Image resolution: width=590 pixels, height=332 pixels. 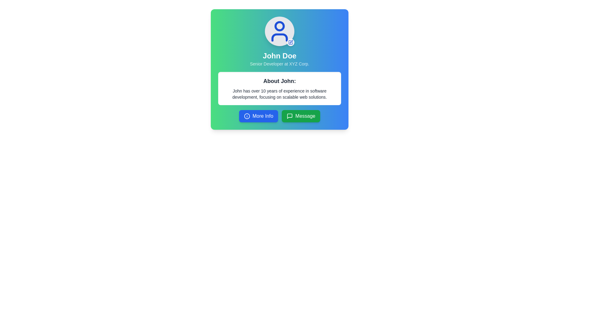 What do you see at coordinates (289, 116) in the screenshot?
I see `the messaging icon located adjacent to the 'Message' button at the bottom-right corner of the card interface` at bounding box center [289, 116].